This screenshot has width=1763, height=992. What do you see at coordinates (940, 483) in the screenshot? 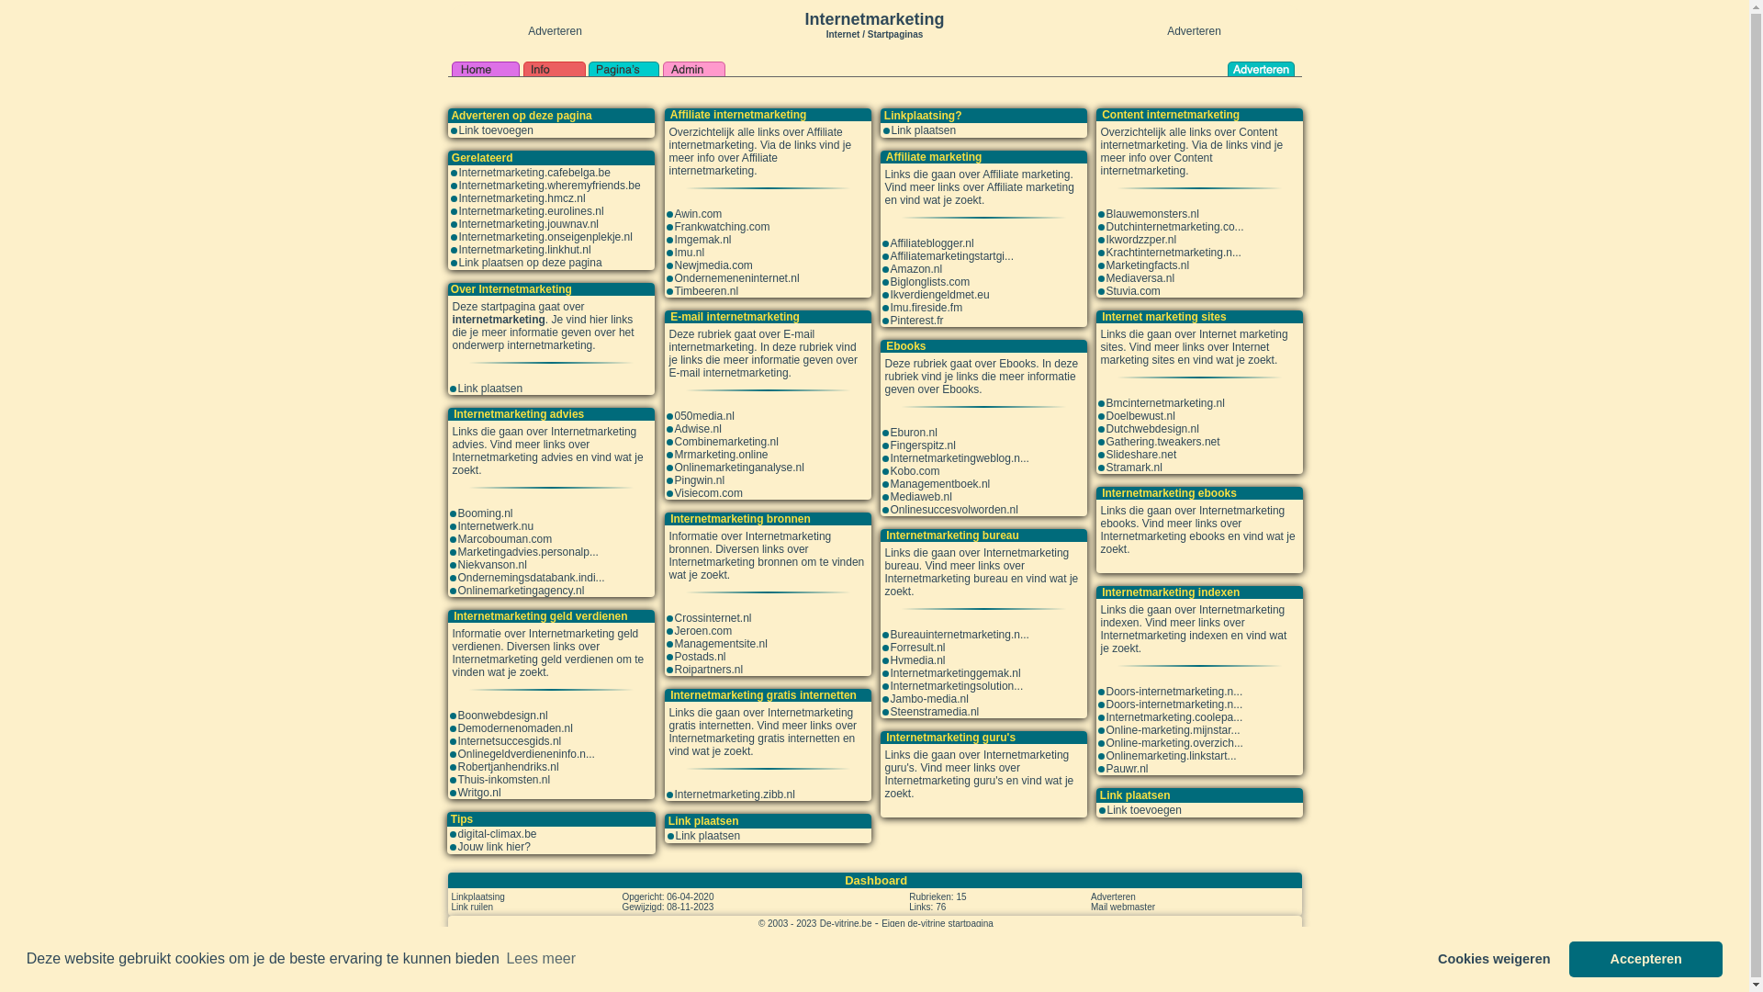
I see `'Managementboek.nl'` at bounding box center [940, 483].